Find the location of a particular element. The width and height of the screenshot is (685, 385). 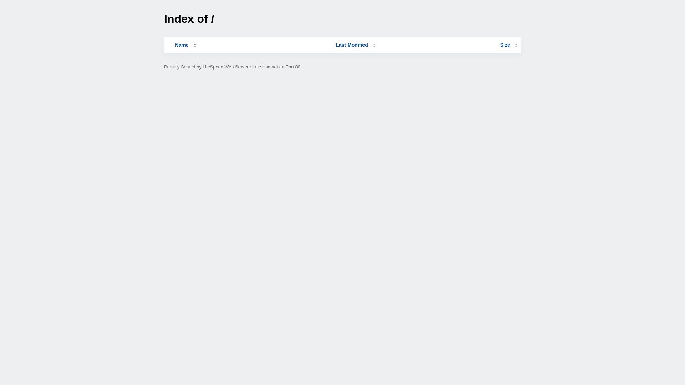

'Name' is located at coordinates (181, 45).